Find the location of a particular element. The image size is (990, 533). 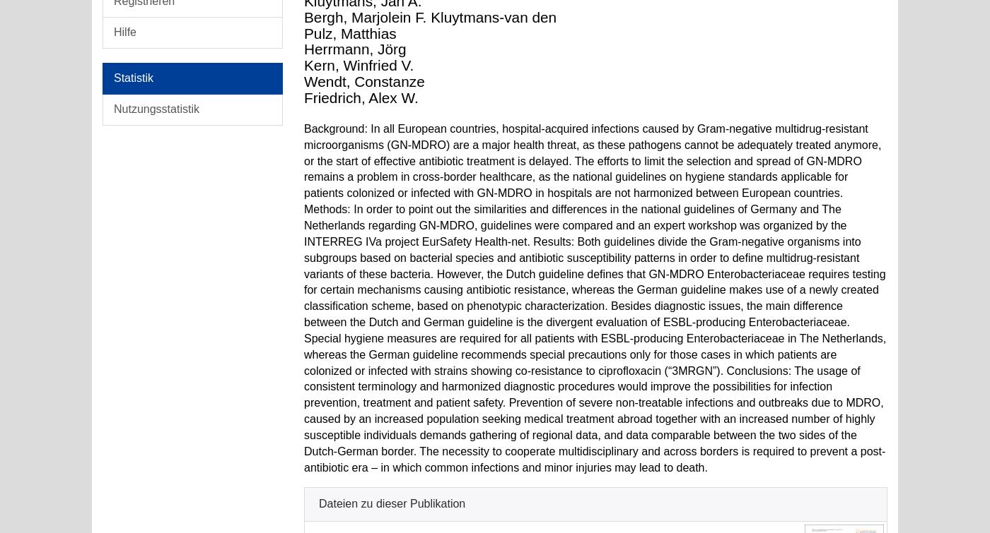

'Kern, Winfried V.' is located at coordinates (359, 65).